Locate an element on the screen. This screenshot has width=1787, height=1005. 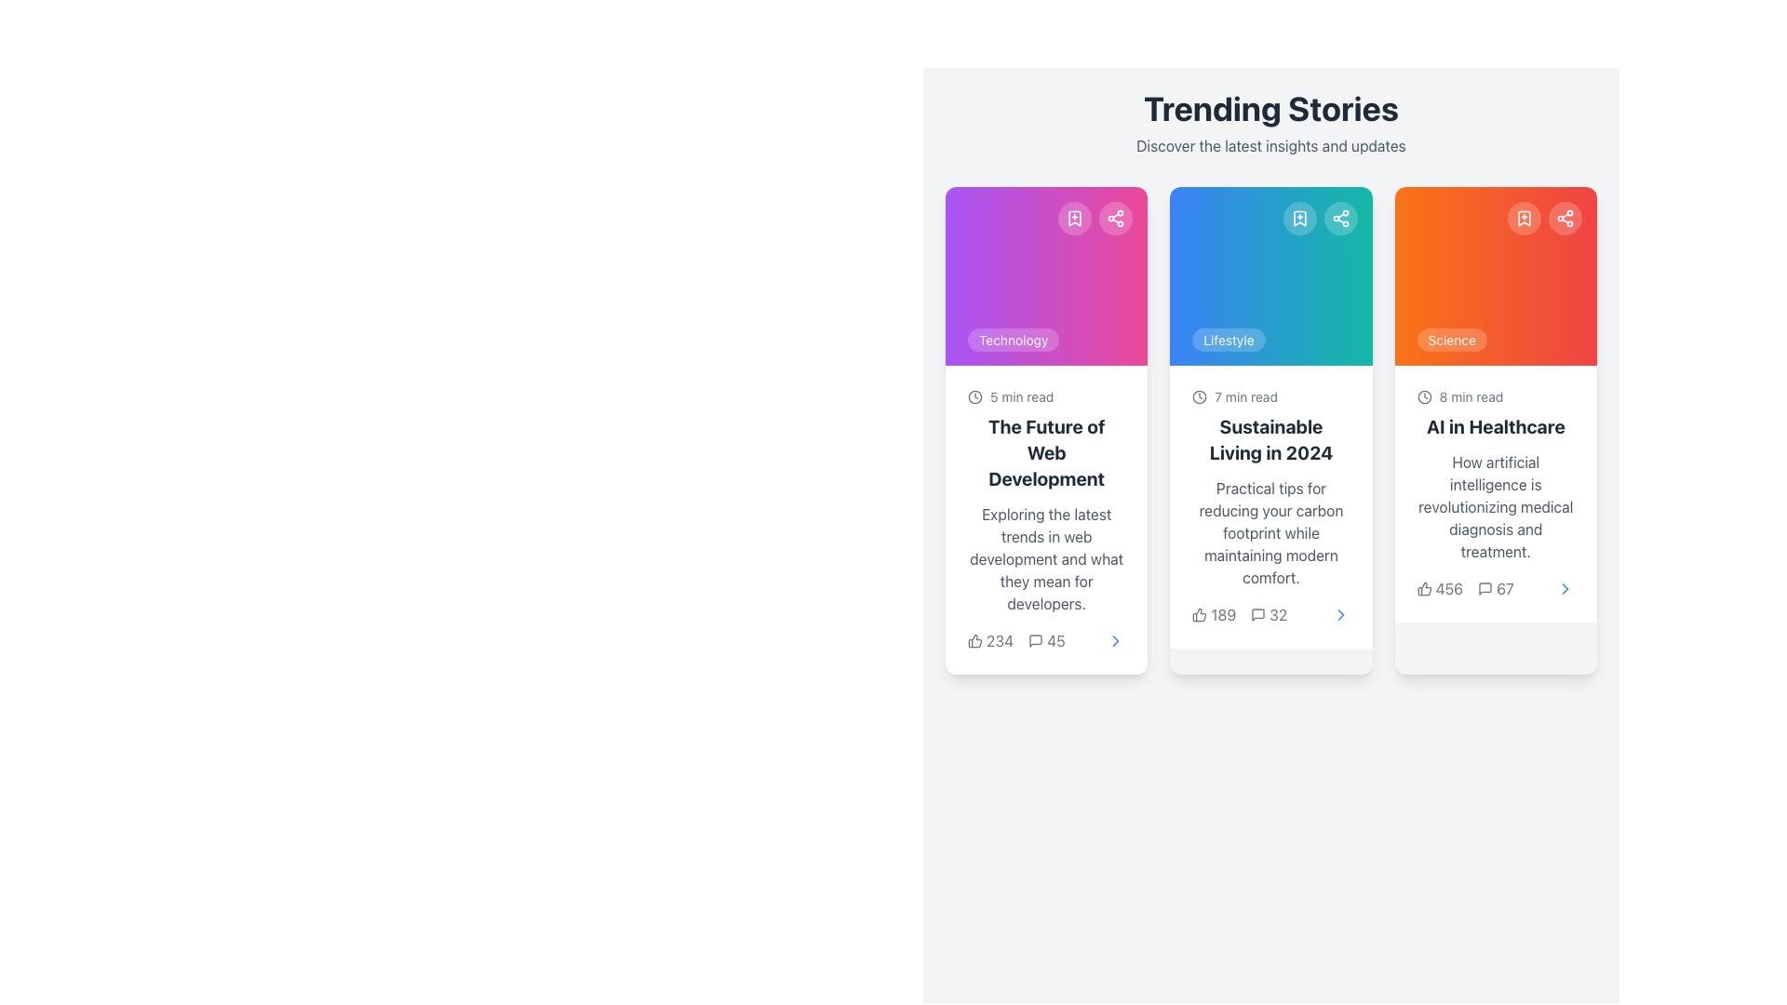
the Right Navigation Button located in the bottom right corner of the third card from the left is located at coordinates (1340, 614).